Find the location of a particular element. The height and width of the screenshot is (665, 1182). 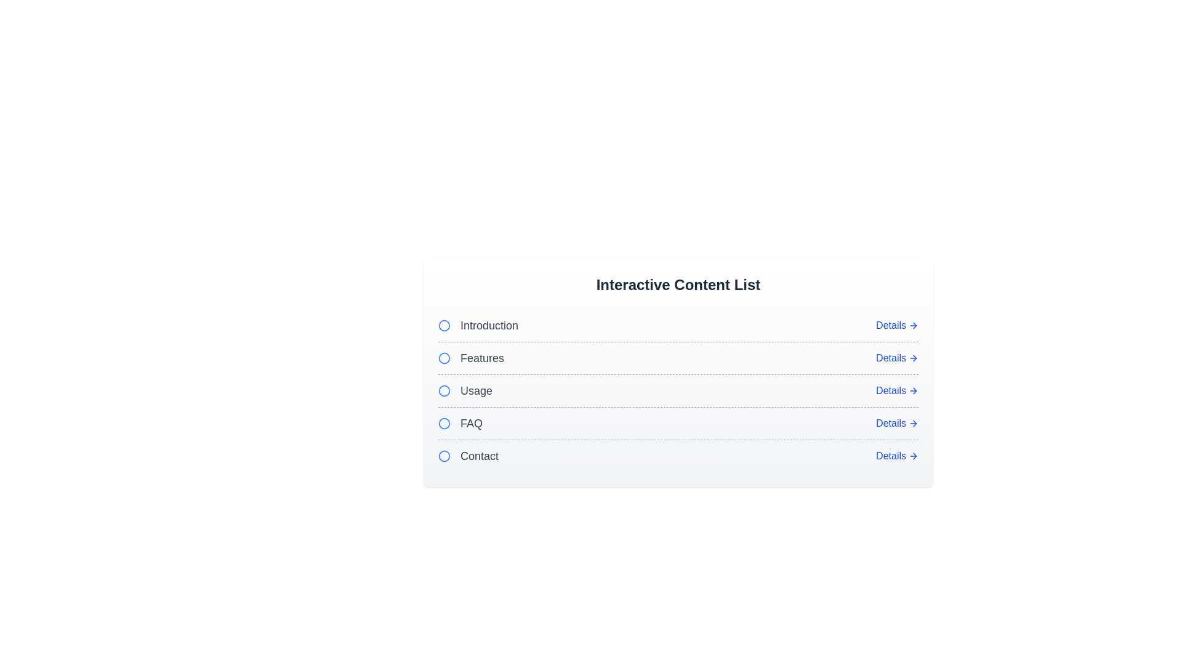

the arrow icon located at the far right of the 'FAQ' row, which indicates navigation to additional details is located at coordinates (915, 422).